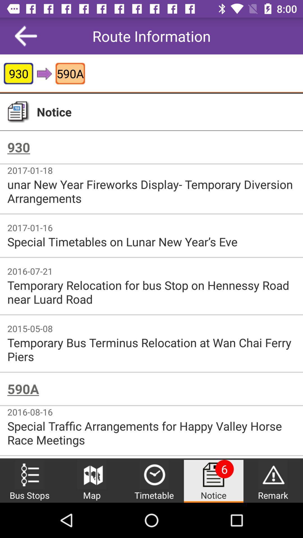 This screenshot has width=303, height=538. What do you see at coordinates (26, 36) in the screenshot?
I see `the arrow_backward icon` at bounding box center [26, 36].